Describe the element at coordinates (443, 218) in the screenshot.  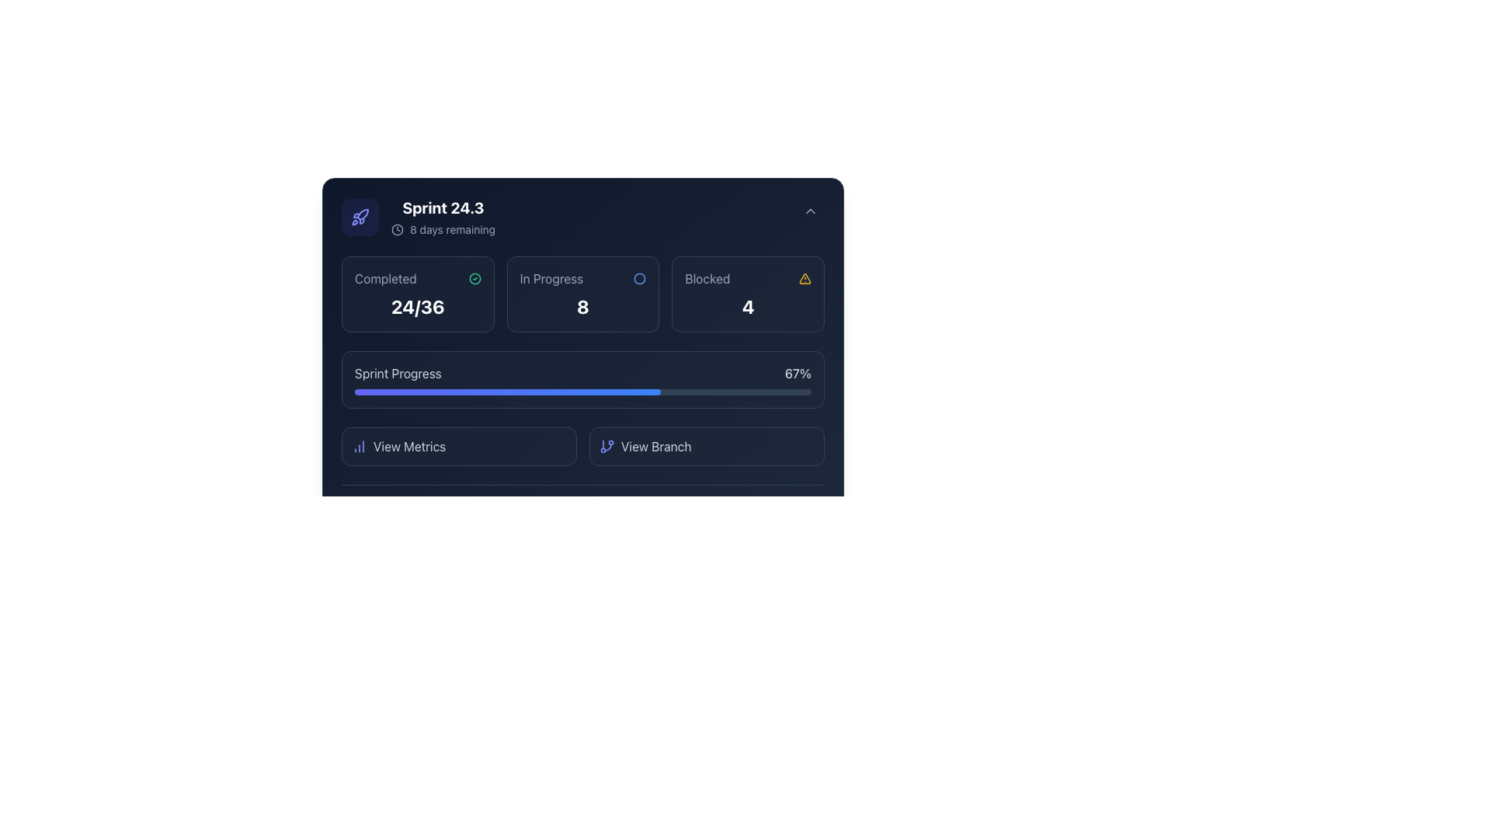
I see `informational text display regarding the current sprint (Sprint 24.3) and its remaining duration (8 days) located near the top-left section of the user interface, under a rocket-shaped icon` at that location.